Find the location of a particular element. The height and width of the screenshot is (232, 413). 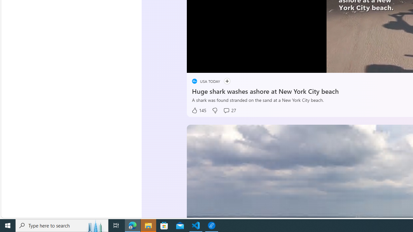

'145 Like' is located at coordinates (198, 110).